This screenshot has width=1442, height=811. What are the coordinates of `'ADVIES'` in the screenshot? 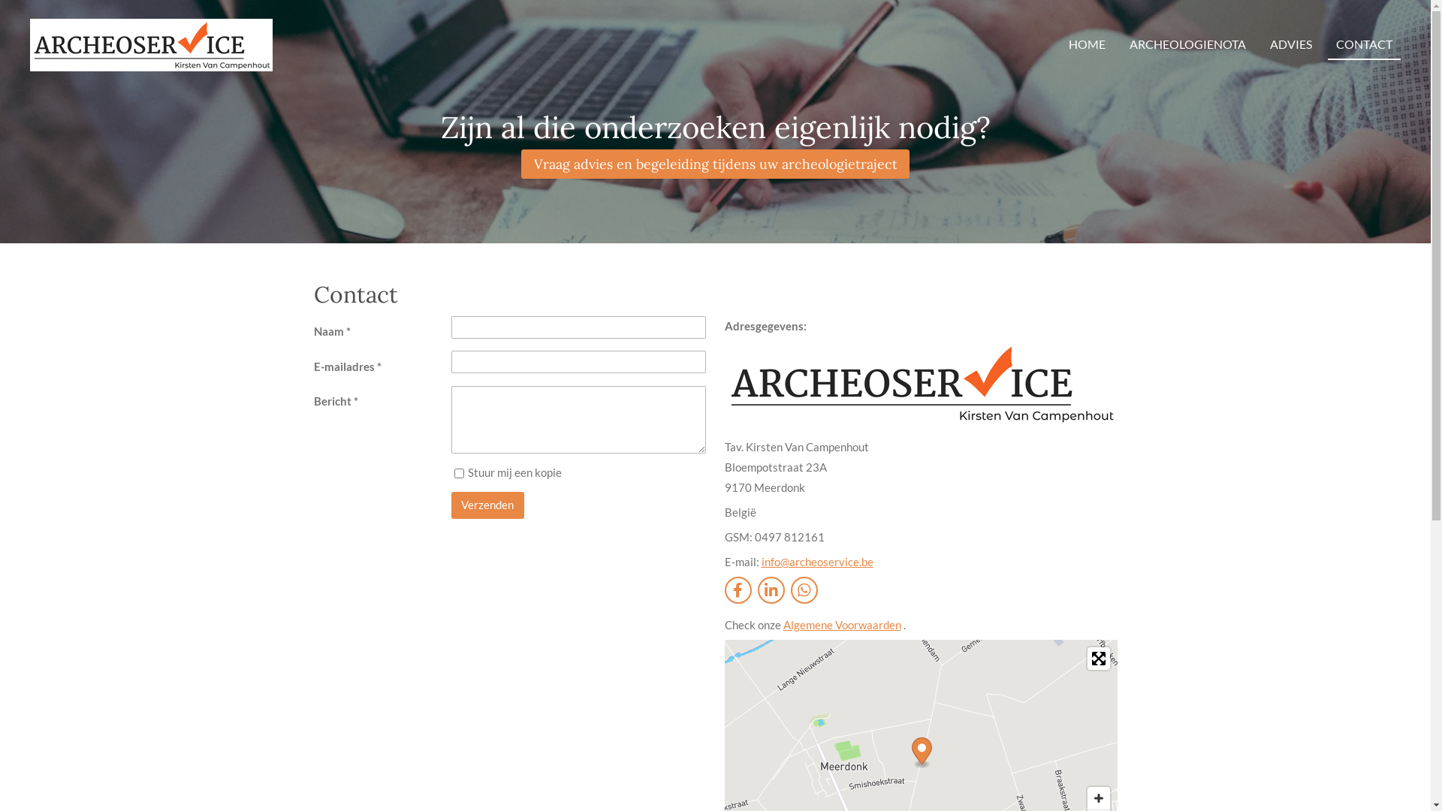 It's located at (1290, 44).